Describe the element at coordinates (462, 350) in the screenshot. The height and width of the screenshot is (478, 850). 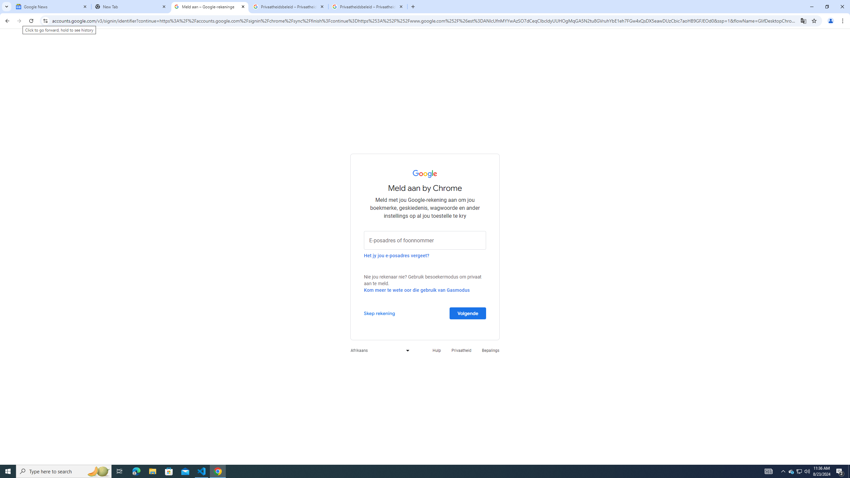
I see `'Privaatheid'` at that location.